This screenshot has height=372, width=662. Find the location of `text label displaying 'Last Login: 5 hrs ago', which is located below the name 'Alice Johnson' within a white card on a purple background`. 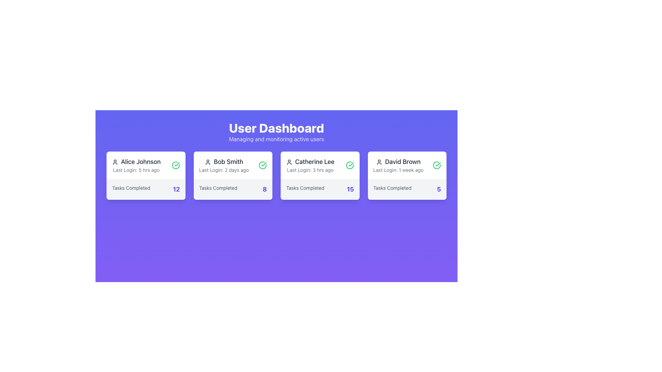

text label displaying 'Last Login: 5 hrs ago', which is located below the name 'Alice Johnson' within a white card on a purple background is located at coordinates (136, 170).